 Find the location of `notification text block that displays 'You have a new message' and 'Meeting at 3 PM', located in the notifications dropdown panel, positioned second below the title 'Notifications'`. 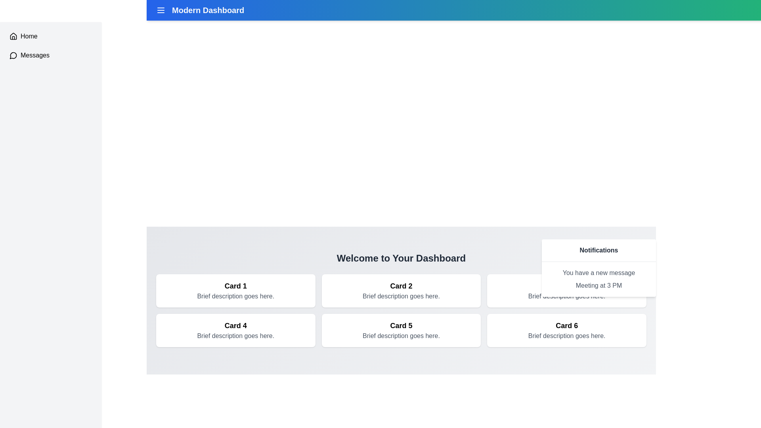

notification text block that displays 'You have a new message' and 'Meeting at 3 PM', located in the notifications dropdown panel, positioned second below the title 'Notifications' is located at coordinates (599, 279).